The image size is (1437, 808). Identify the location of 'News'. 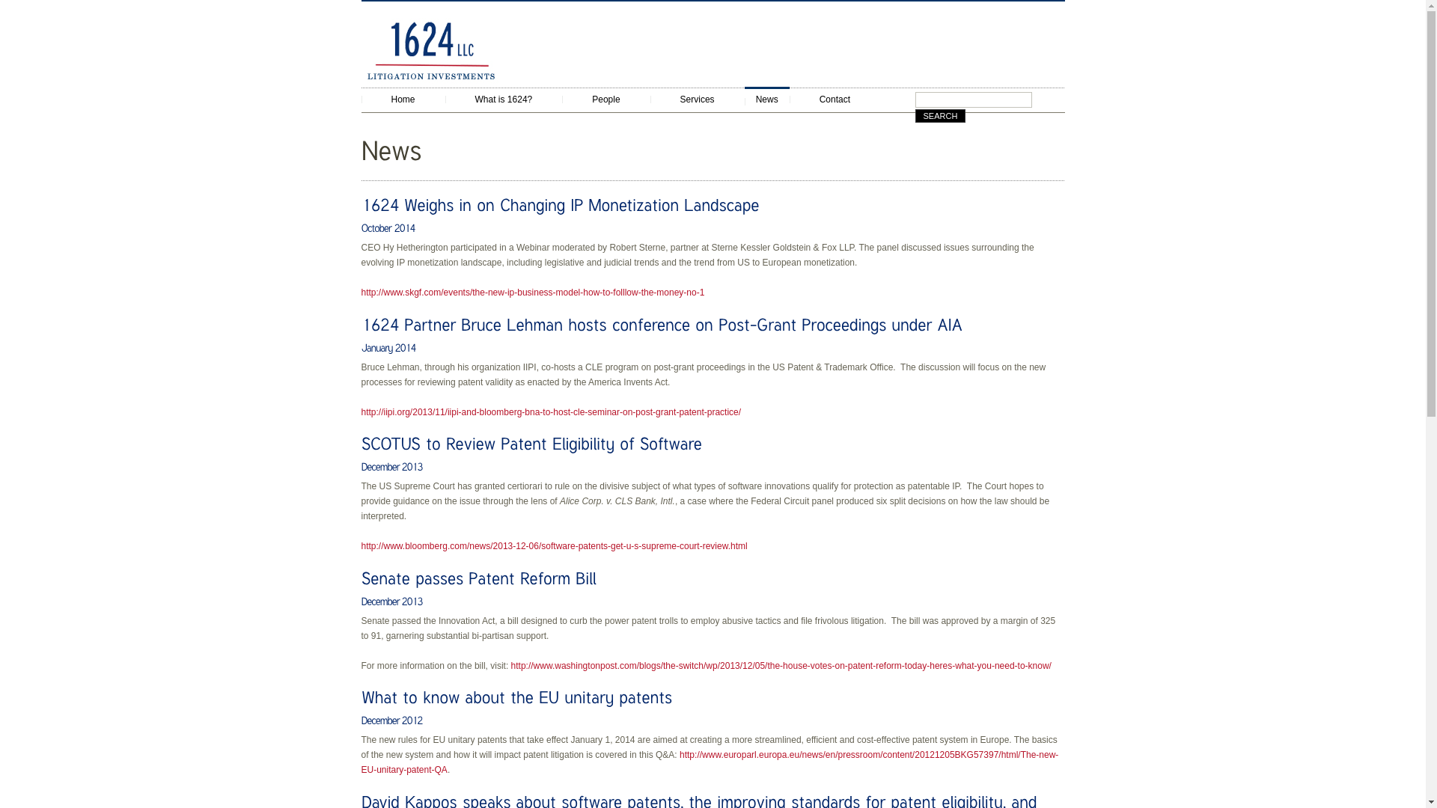
(767, 100).